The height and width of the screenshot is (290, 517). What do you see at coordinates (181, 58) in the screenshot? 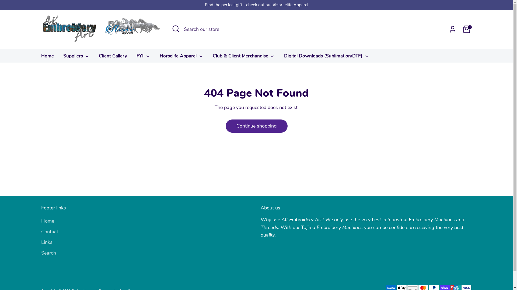
I see `'Horselife Apparel'` at bounding box center [181, 58].